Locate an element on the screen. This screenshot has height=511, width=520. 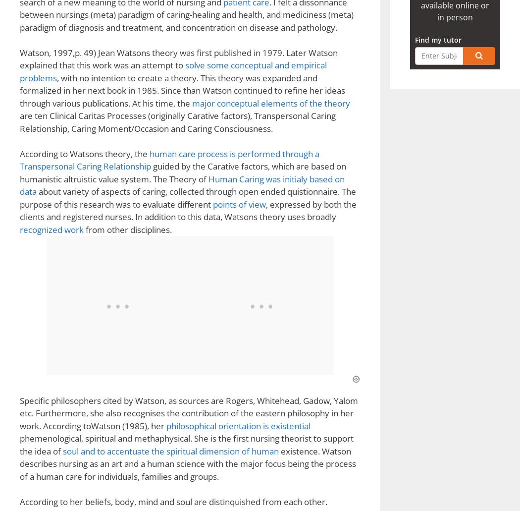
'Nursing' is located at coordinates (43, 156).